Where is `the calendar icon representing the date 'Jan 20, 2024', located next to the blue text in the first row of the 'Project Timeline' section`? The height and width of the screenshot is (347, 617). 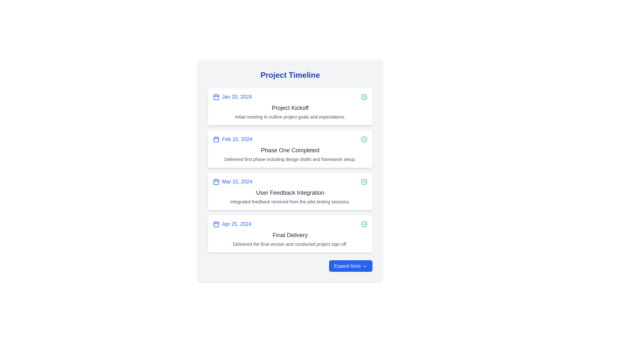 the calendar icon representing the date 'Jan 20, 2024', located next to the blue text in the first row of the 'Project Timeline' section is located at coordinates (216, 97).